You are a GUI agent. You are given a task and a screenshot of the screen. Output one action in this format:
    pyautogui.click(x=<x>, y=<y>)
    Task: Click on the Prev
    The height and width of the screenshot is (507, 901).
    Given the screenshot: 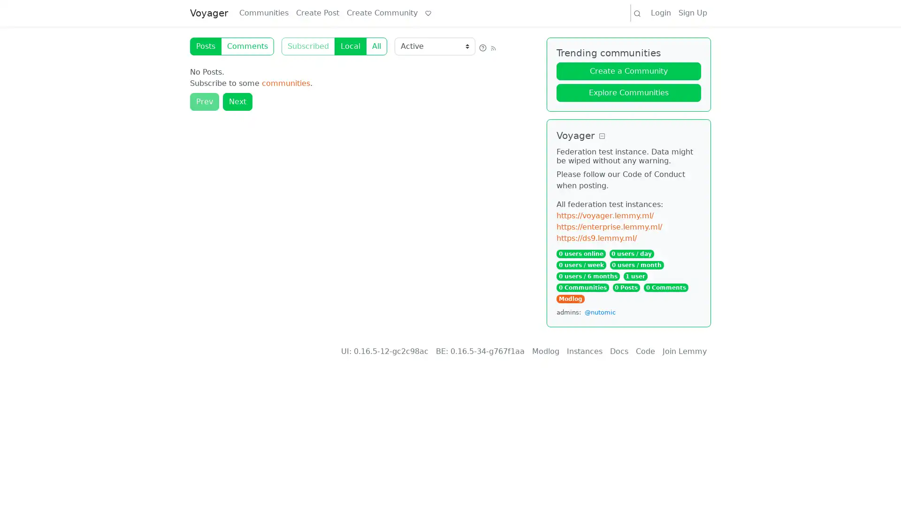 What is the action you would take?
    pyautogui.click(x=204, y=101)
    